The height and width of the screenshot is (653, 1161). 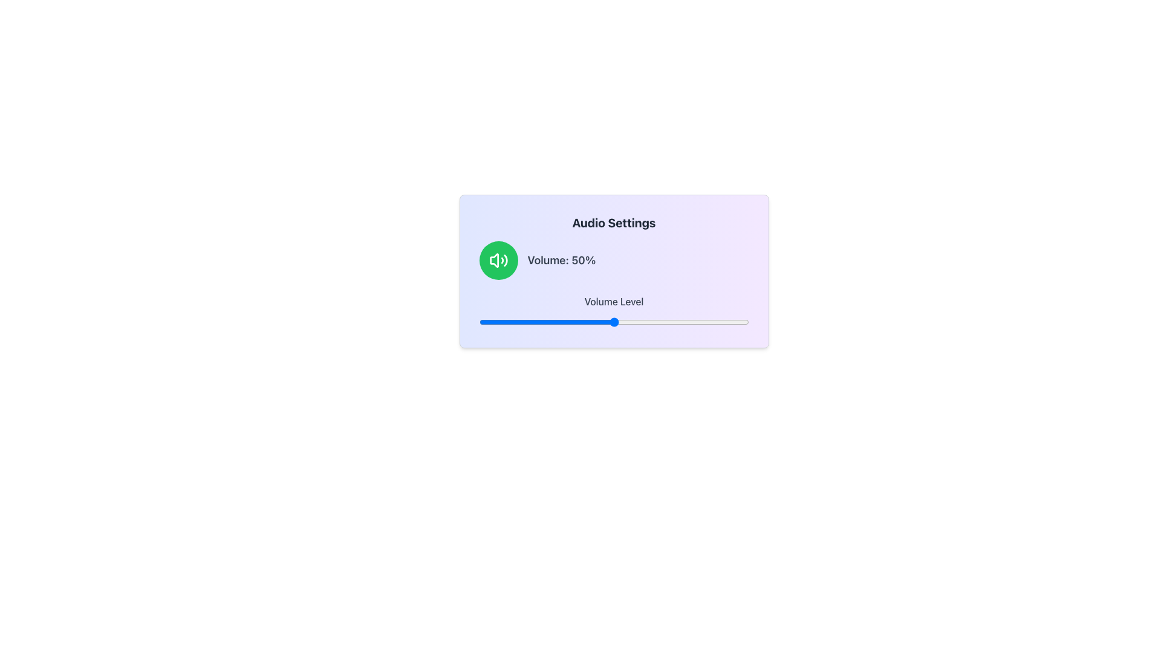 What do you see at coordinates (494, 260) in the screenshot?
I see `the audio property icon located in the top-left section of the 'Audio Settings' card, adjacent to the 'Volume: 50%' label and above the volume level slider` at bounding box center [494, 260].